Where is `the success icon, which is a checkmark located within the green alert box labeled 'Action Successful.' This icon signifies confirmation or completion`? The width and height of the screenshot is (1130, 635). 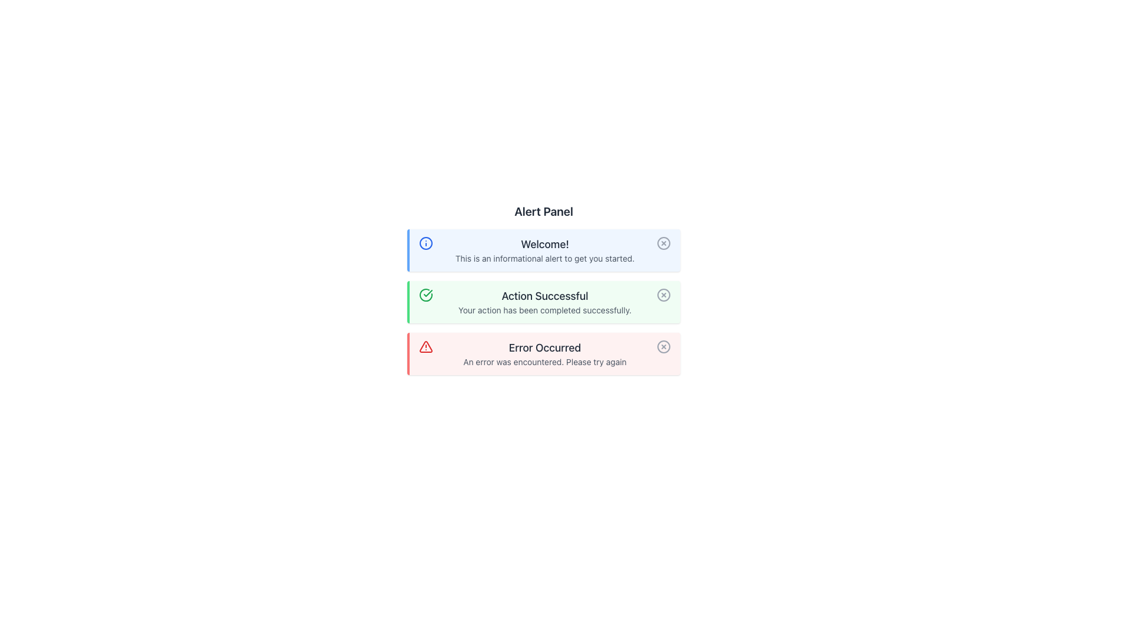 the success icon, which is a checkmark located within the green alert box labeled 'Action Successful.' This icon signifies confirmation or completion is located at coordinates (426, 294).